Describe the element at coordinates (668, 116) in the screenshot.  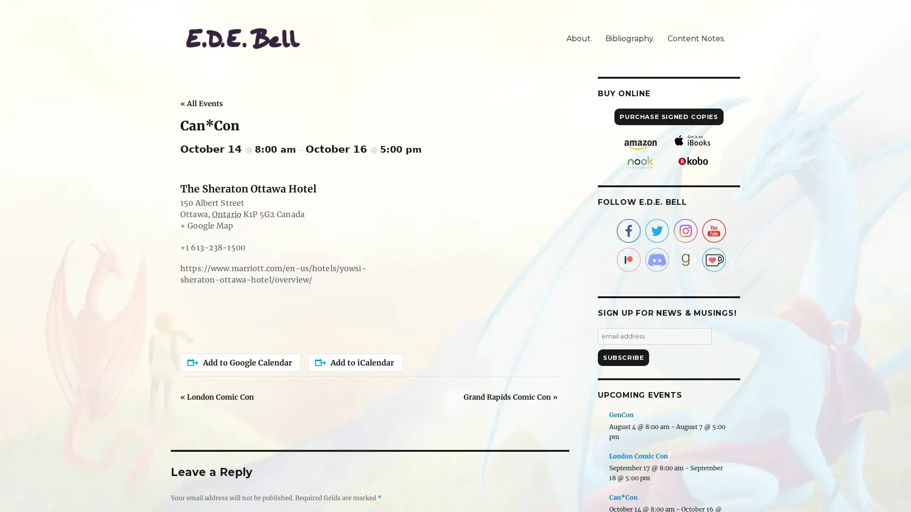
I see `PURCHASE SIGNED COPIES` at that location.